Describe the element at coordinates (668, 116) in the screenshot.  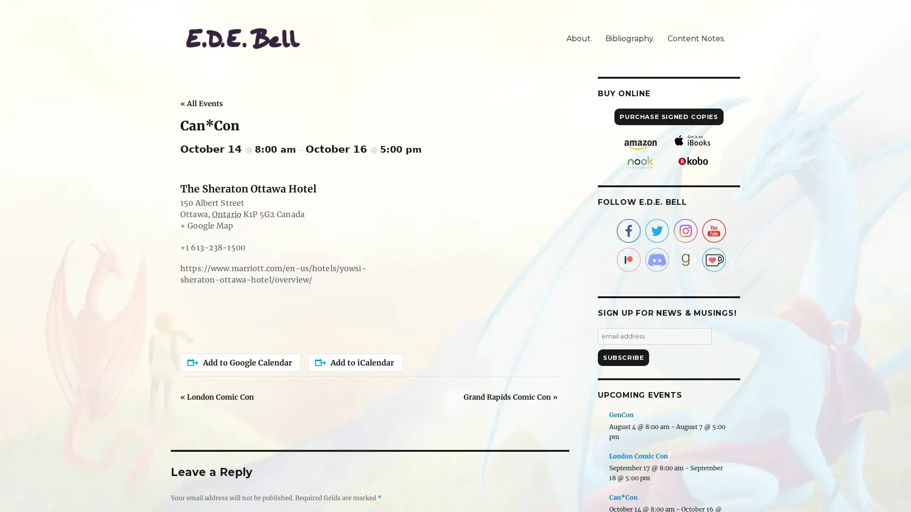
I see `PURCHASE SIGNED COPIES` at that location.